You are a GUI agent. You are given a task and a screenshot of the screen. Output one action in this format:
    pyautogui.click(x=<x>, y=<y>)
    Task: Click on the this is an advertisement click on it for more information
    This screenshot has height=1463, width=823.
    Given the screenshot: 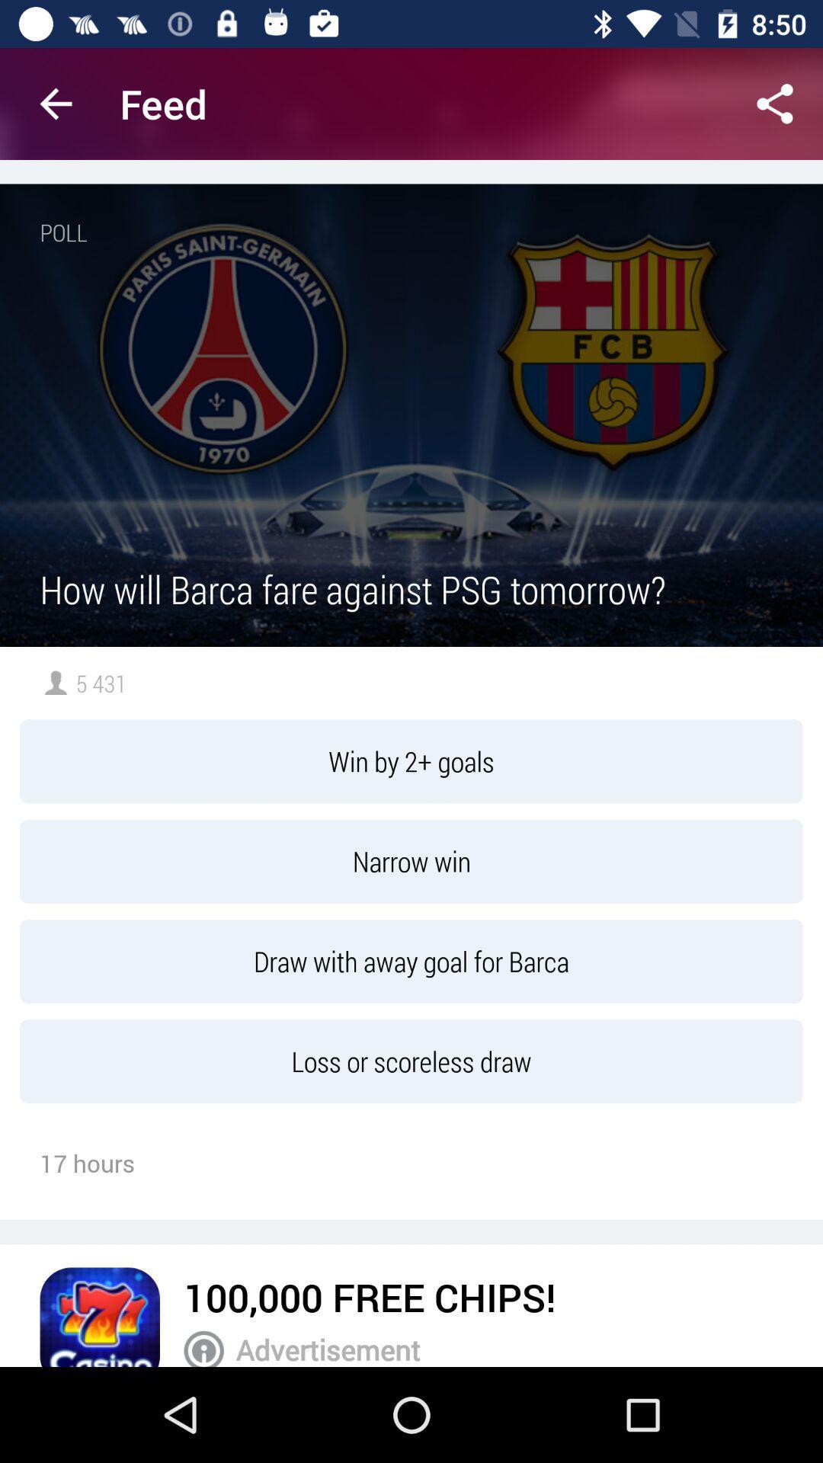 What is the action you would take?
    pyautogui.click(x=203, y=1349)
    